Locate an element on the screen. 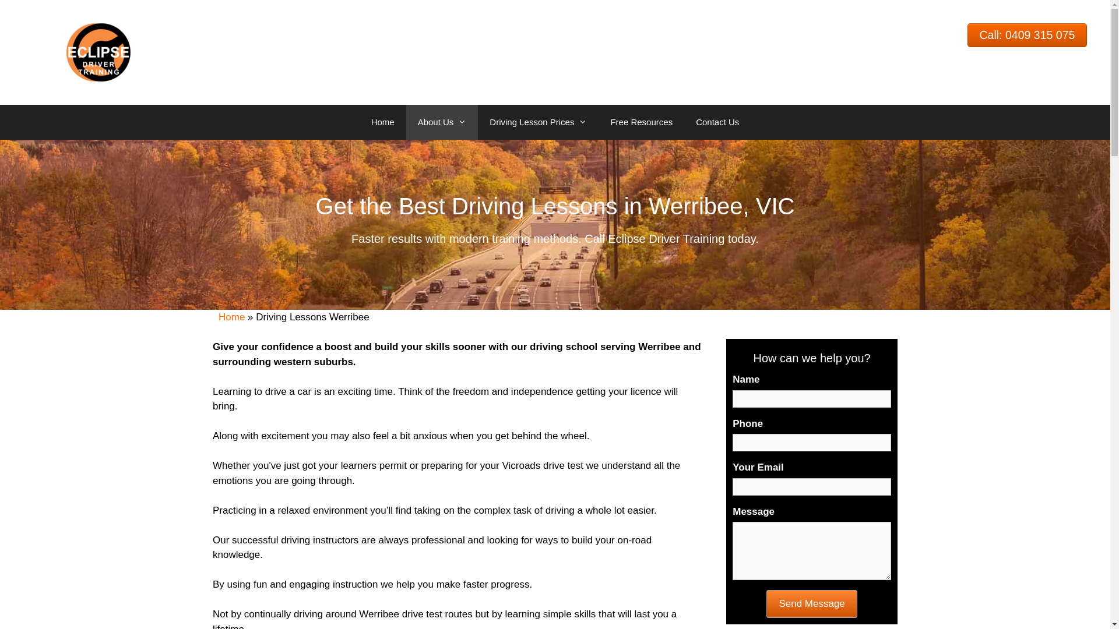  'About Us' is located at coordinates (441, 122).